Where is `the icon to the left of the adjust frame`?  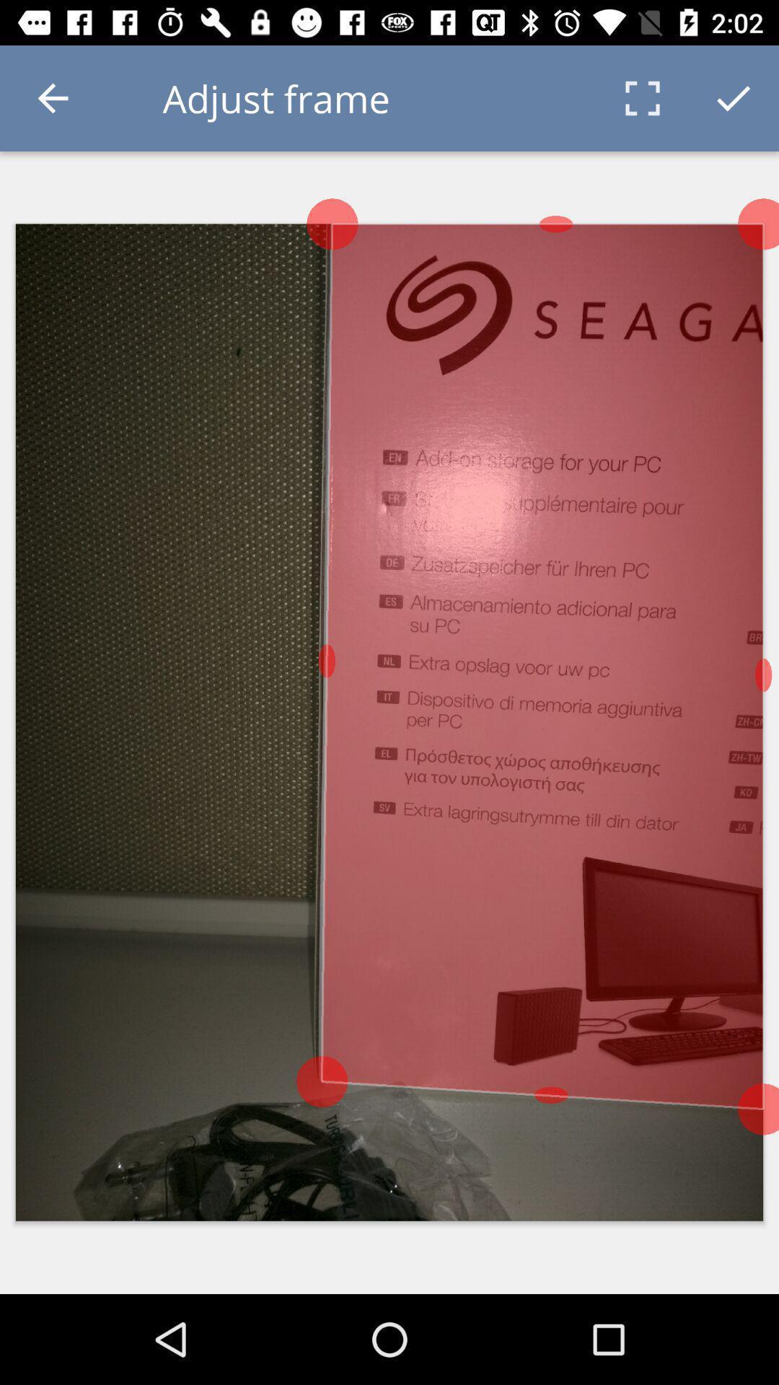
the icon to the left of the adjust frame is located at coordinates (52, 97).